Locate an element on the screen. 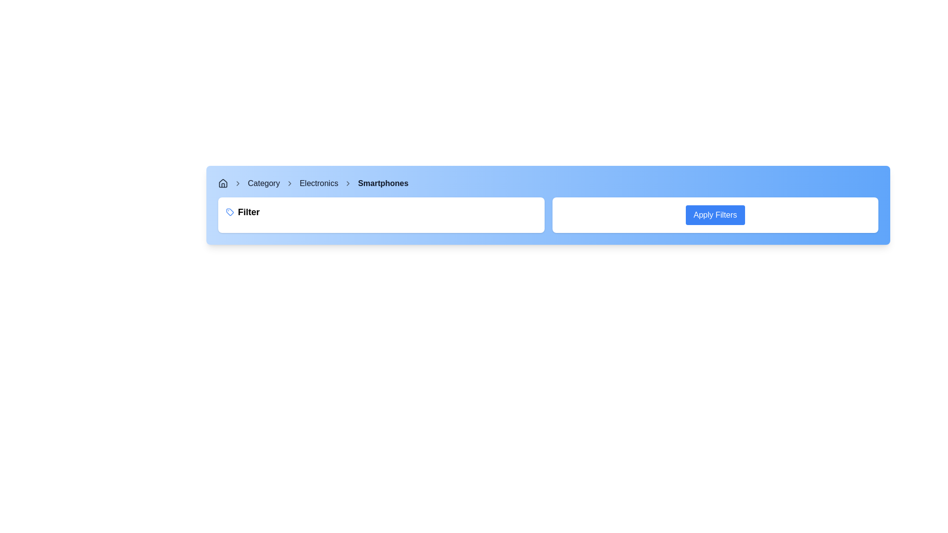  the home icon is located at coordinates (222, 183).